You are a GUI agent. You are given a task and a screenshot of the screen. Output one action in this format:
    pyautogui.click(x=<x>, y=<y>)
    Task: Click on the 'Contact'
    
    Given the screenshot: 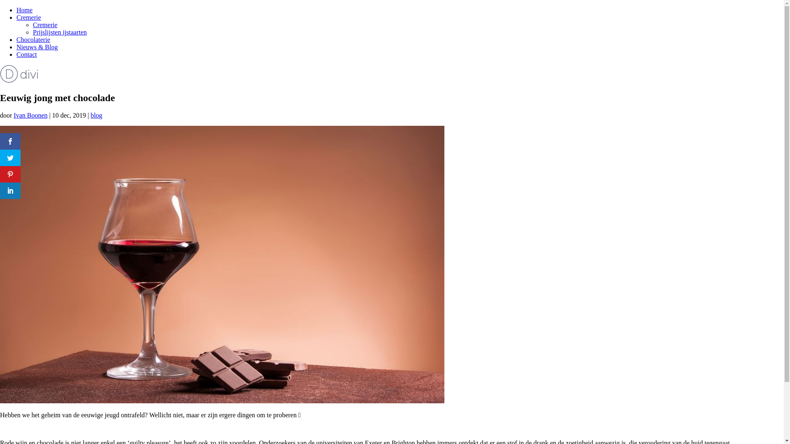 What is the action you would take?
    pyautogui.click(x=27, y=54)
    